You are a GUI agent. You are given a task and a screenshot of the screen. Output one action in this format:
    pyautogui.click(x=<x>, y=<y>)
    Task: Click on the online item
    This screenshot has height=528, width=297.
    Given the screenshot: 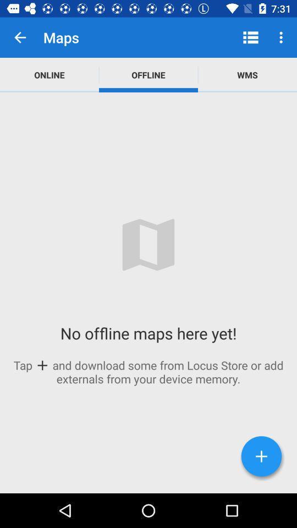 What is the action you would take?
    pyautogui.click(x=49, y=74)
    